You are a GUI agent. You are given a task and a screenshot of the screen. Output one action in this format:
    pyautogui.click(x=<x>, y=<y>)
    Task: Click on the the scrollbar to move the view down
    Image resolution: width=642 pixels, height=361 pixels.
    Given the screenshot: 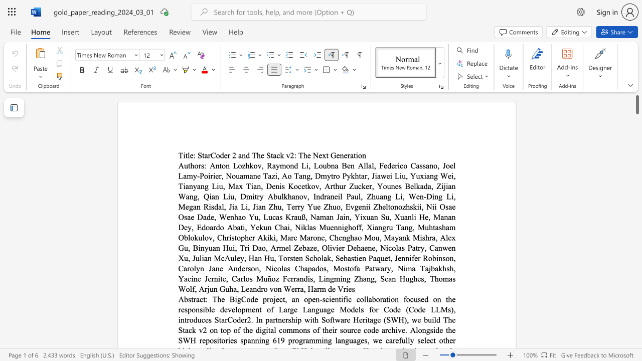 What is the action you would take?
    pyautogui.click(x=636, y=295)
    